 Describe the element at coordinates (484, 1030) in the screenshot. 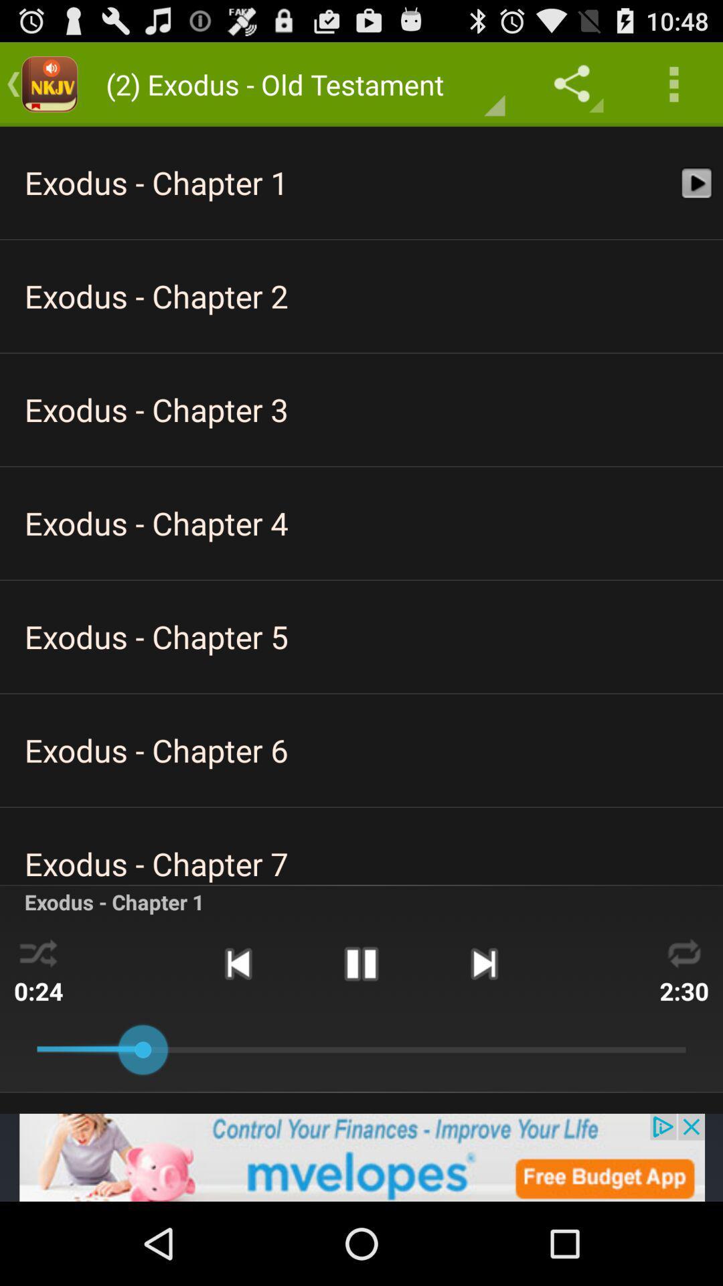

I see `the skip_next icon` at that location.